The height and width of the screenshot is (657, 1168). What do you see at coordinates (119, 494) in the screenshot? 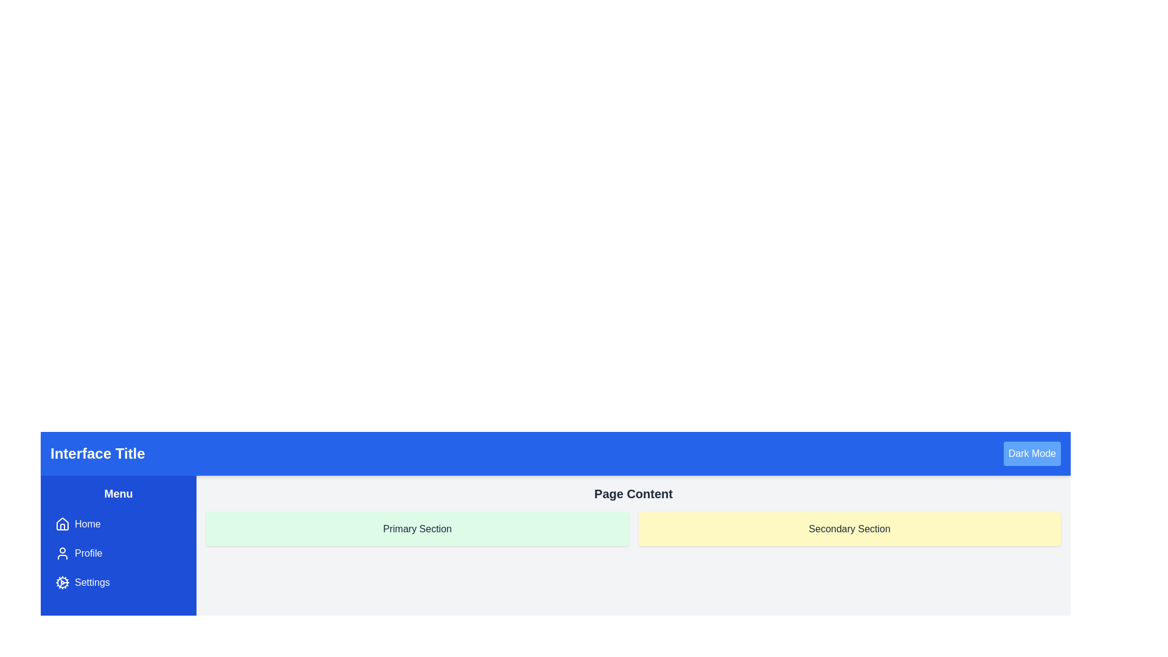
I see `the text label that serves as the title for the sidebar menu, positioned at the top of the sidebar above navigation links` at bounding box center [119, 494].